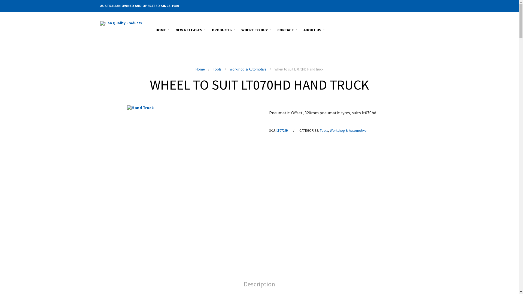 The width and height of the screenshot is (523, 294). Describe the element at coordinates (189, 29) in the screenshot. I see `'NEW RELEASES'` at that location.